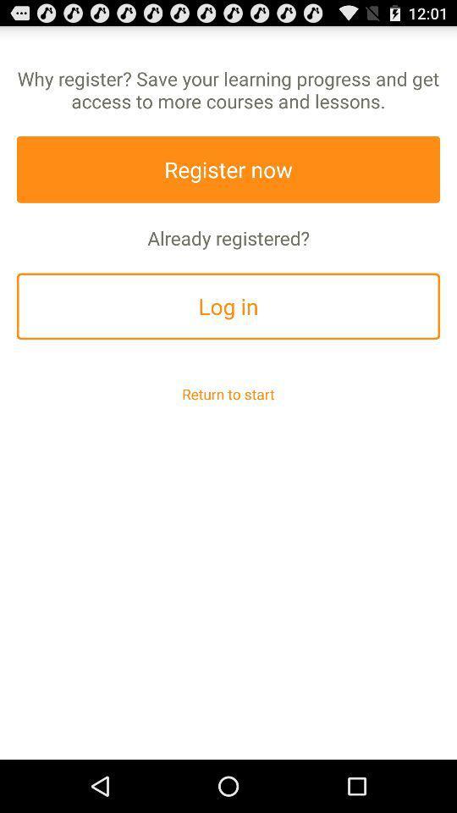 This screenshot has height=813, width=457. I want to click on the register now app, so click(228, 169).